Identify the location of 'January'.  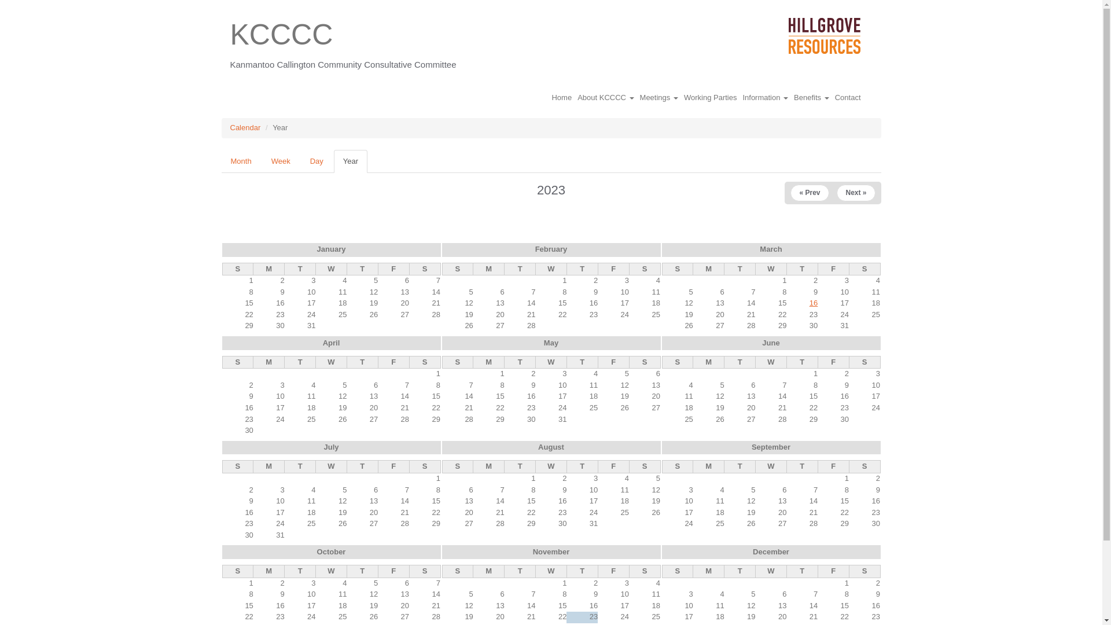
(330, 248).